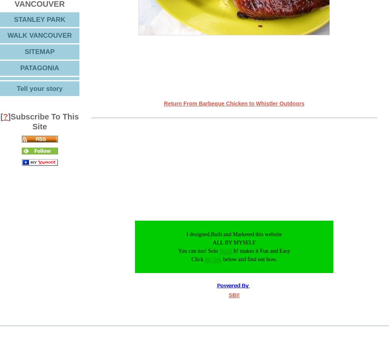 This screenshot has width=389, height=356. What do you see at coordinates (39, 35) in the screenshot?
I see `'WALK VANCOUVER'` at bounding box center [39, 35].